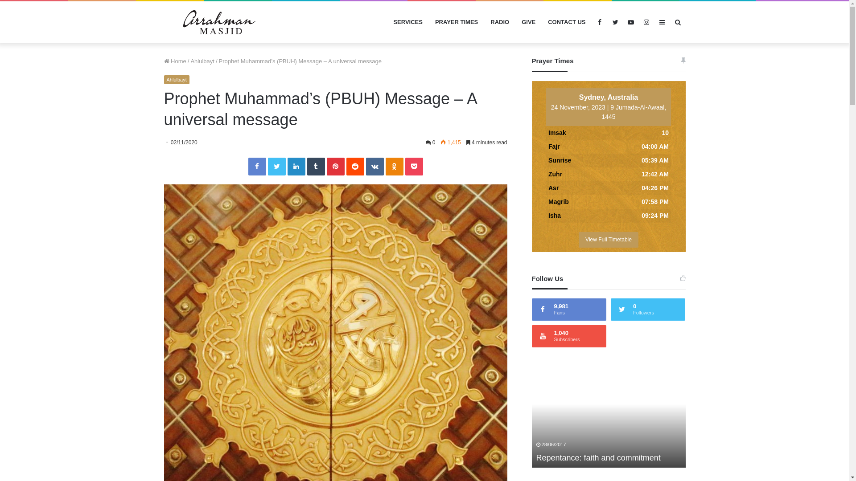  I want to click on 'CONTACT US', so click(566, 22).